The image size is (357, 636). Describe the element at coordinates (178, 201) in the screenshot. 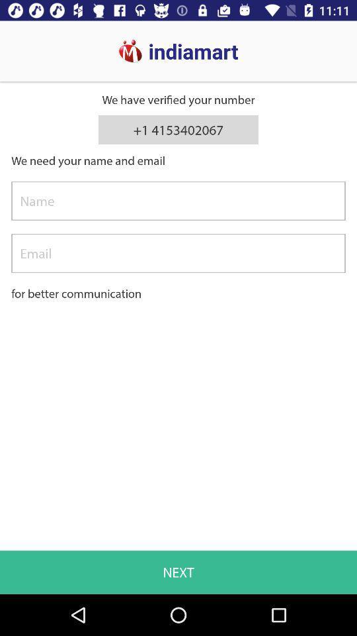

I see `your name` at that location.